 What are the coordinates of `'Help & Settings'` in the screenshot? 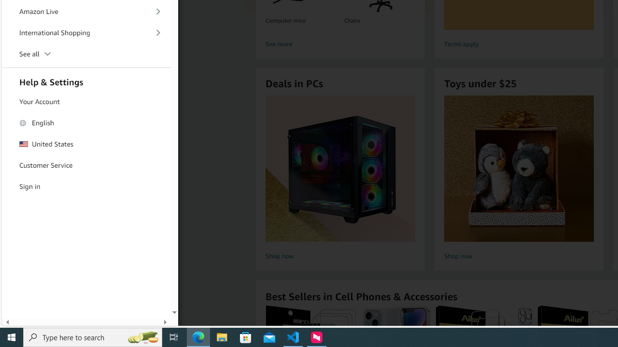 It's located at (86, 80).